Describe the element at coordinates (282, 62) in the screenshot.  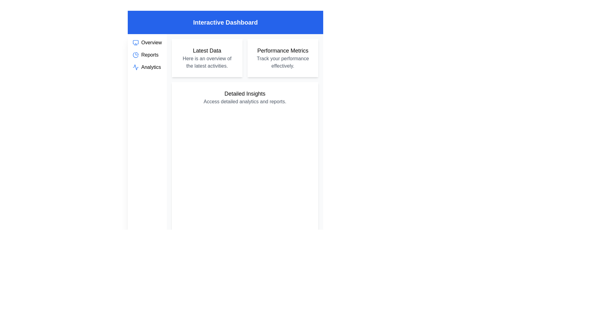
I see `the text element reading 'Track your performance effectively.' which is styled in gray and located beneath the 'Performance Metrics' heading` at that location.